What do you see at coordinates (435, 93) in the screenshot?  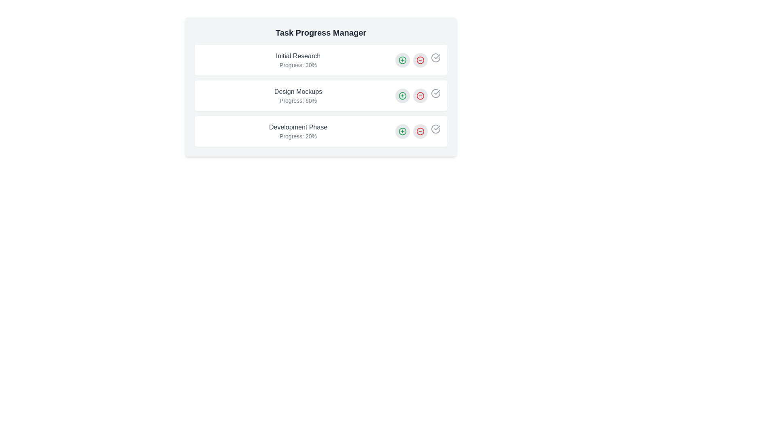 I see `the confirmation icon located on the right-hand side of the 'Design Mockups' row` at bounding box center [435, 93].